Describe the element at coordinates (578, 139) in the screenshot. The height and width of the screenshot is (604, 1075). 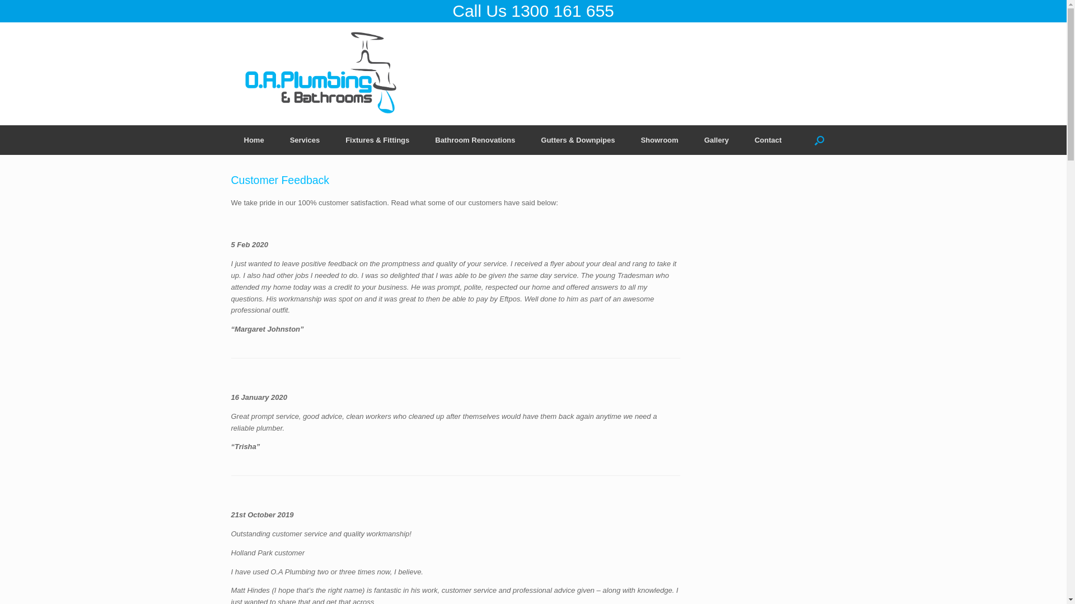
I see `'Gutters & Downpipes'` at that location.